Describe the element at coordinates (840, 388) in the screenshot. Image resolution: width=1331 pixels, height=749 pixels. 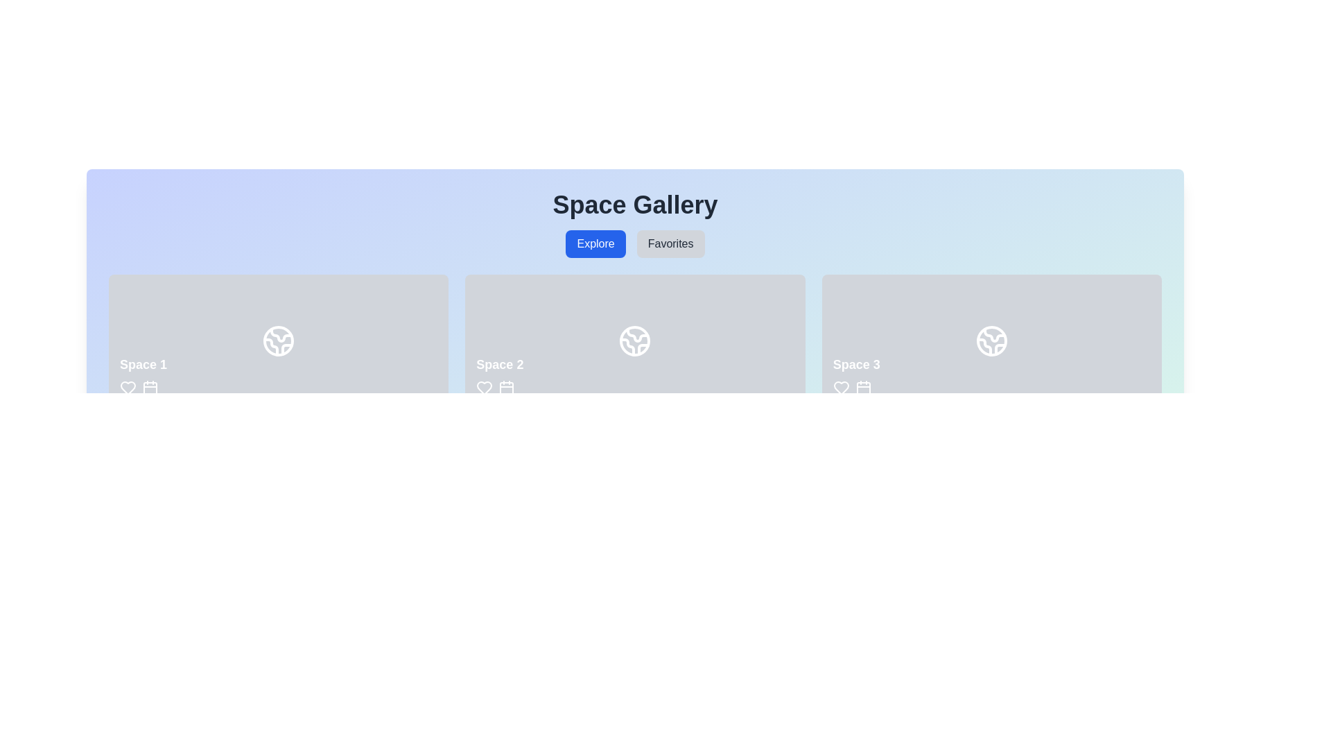
I see `the heart icon located in the bottom-left corner of the 'Space 3' card to mark it as a favorite` at that location.